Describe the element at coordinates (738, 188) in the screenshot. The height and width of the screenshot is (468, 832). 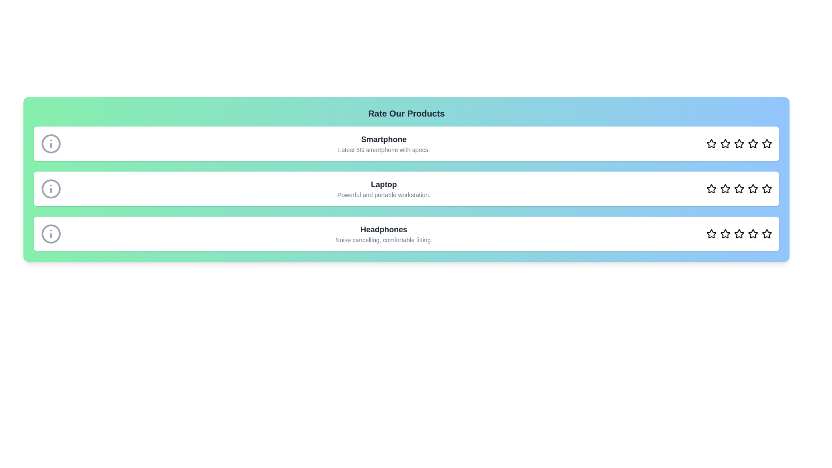
I see `the third star in the second rating row for the 'Laptop' product section` at that location.